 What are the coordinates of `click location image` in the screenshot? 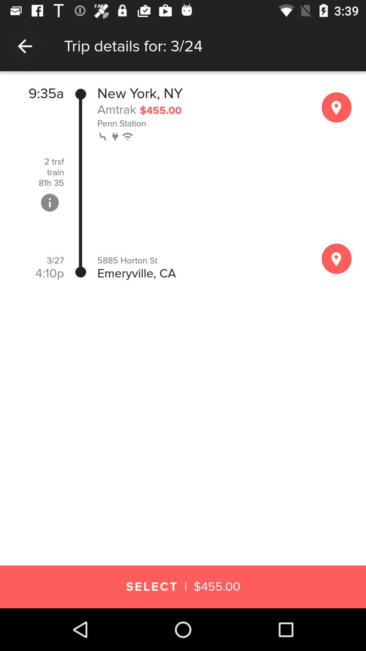 It's located at (337, 258).